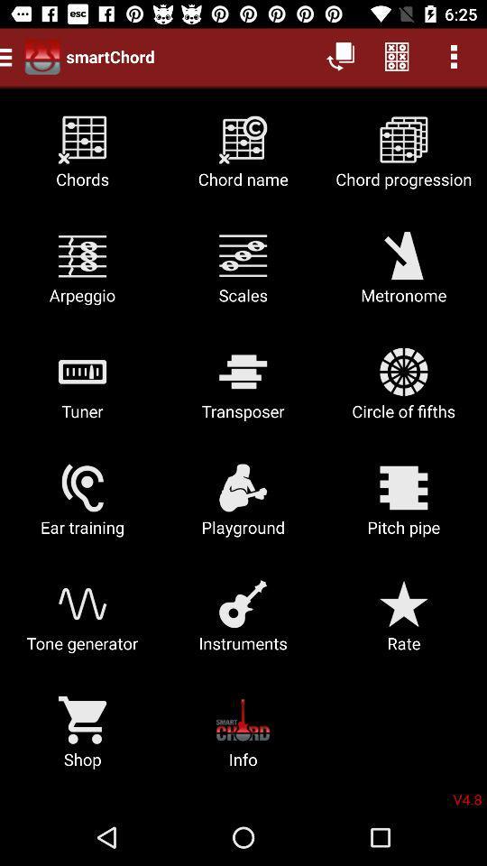  What do you see at coordinates (81, 738) in the screenshot?
I see `the icon below the tone generator icon` at bounding box center [81, 738].